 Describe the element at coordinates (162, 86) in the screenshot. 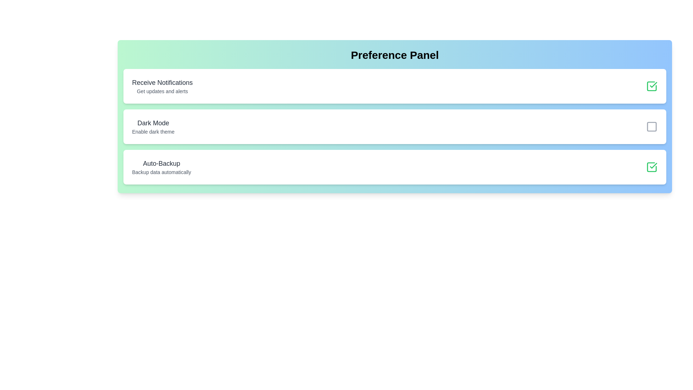

I see `text element labeled 'Receive Notifications' which is bold and has a smaller, lighter text below it that reads 'Get updates and alerts'` at that location.